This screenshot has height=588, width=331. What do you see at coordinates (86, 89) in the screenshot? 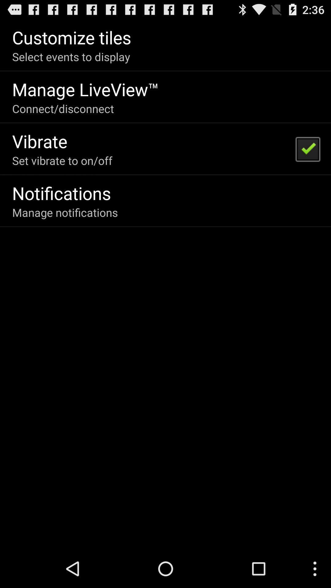
I see `the icon below select events to app` at bounding box center [86, 89].